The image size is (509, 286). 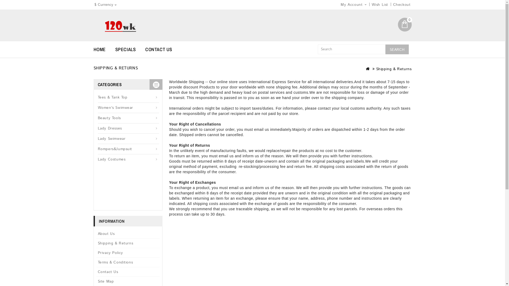 I want to click on 'About Us', so click(x=128, y=234).